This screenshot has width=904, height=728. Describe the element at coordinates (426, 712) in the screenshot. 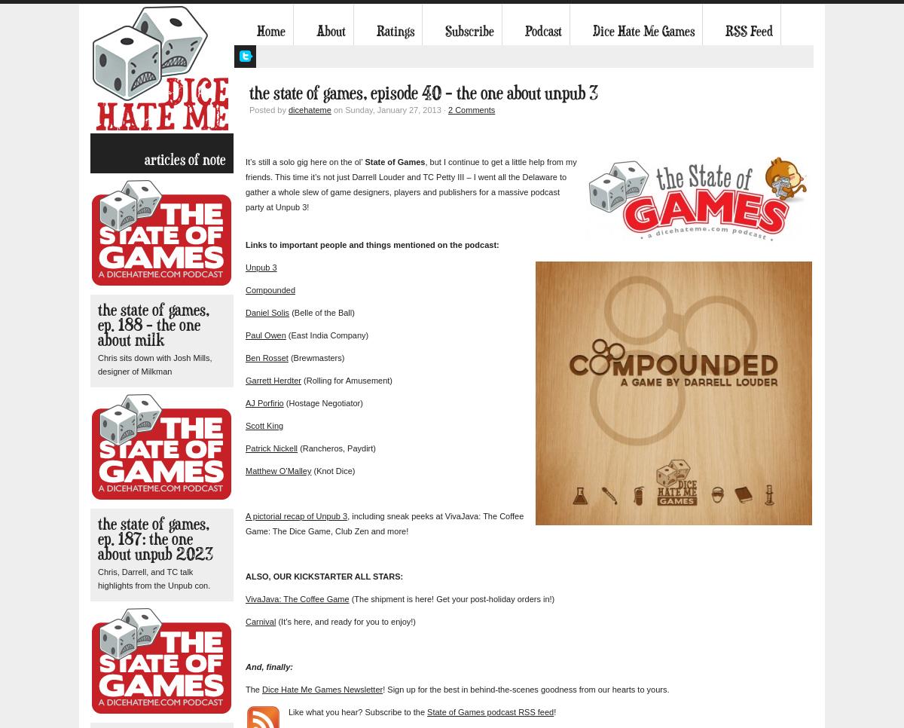

I see `'State of Games podcast RSS feed'` at that location.